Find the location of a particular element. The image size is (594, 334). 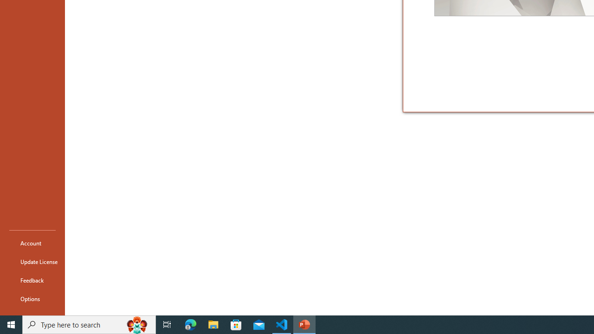

'Account' is located at coordinates (32, 243).